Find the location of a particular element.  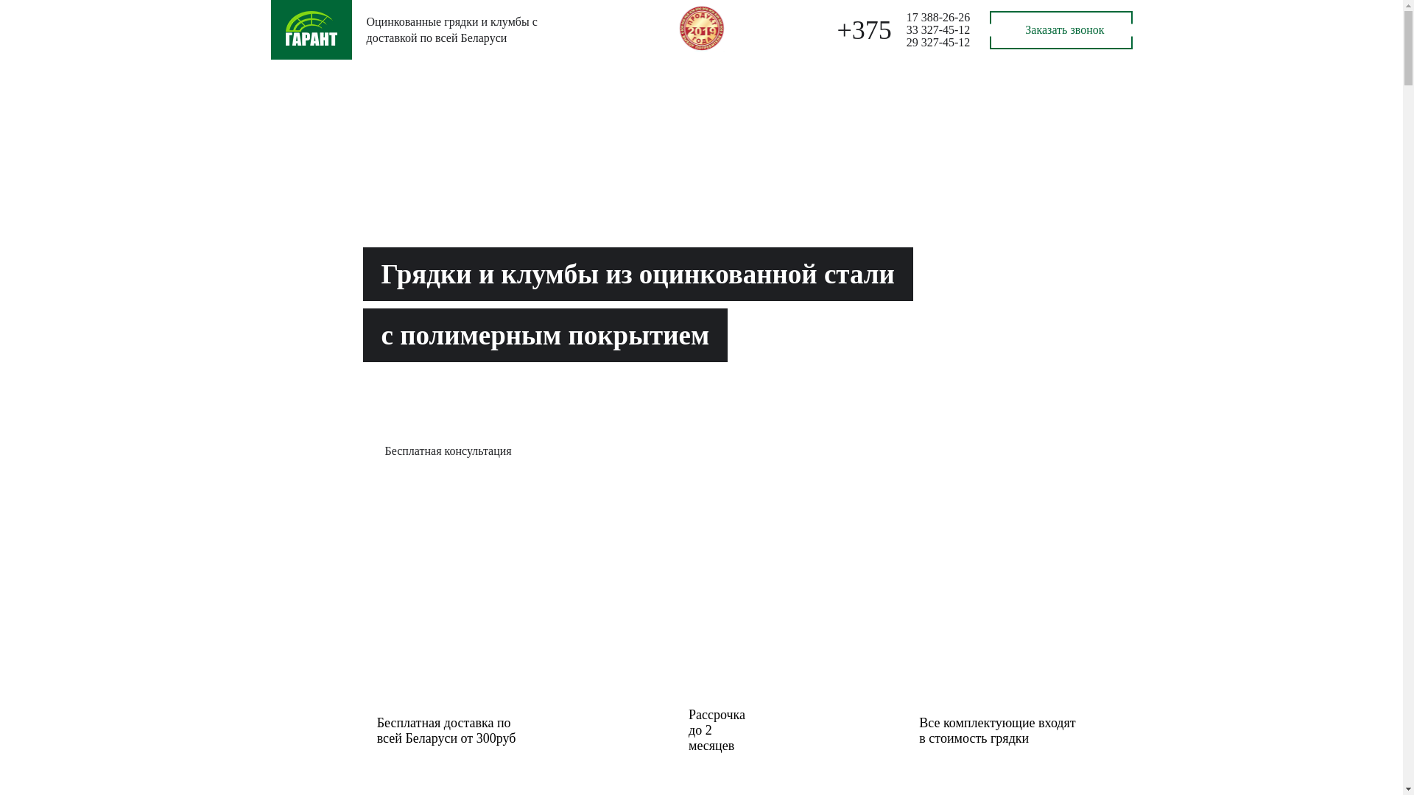

'17 388-26-26' is located at coordinates (938, 17).